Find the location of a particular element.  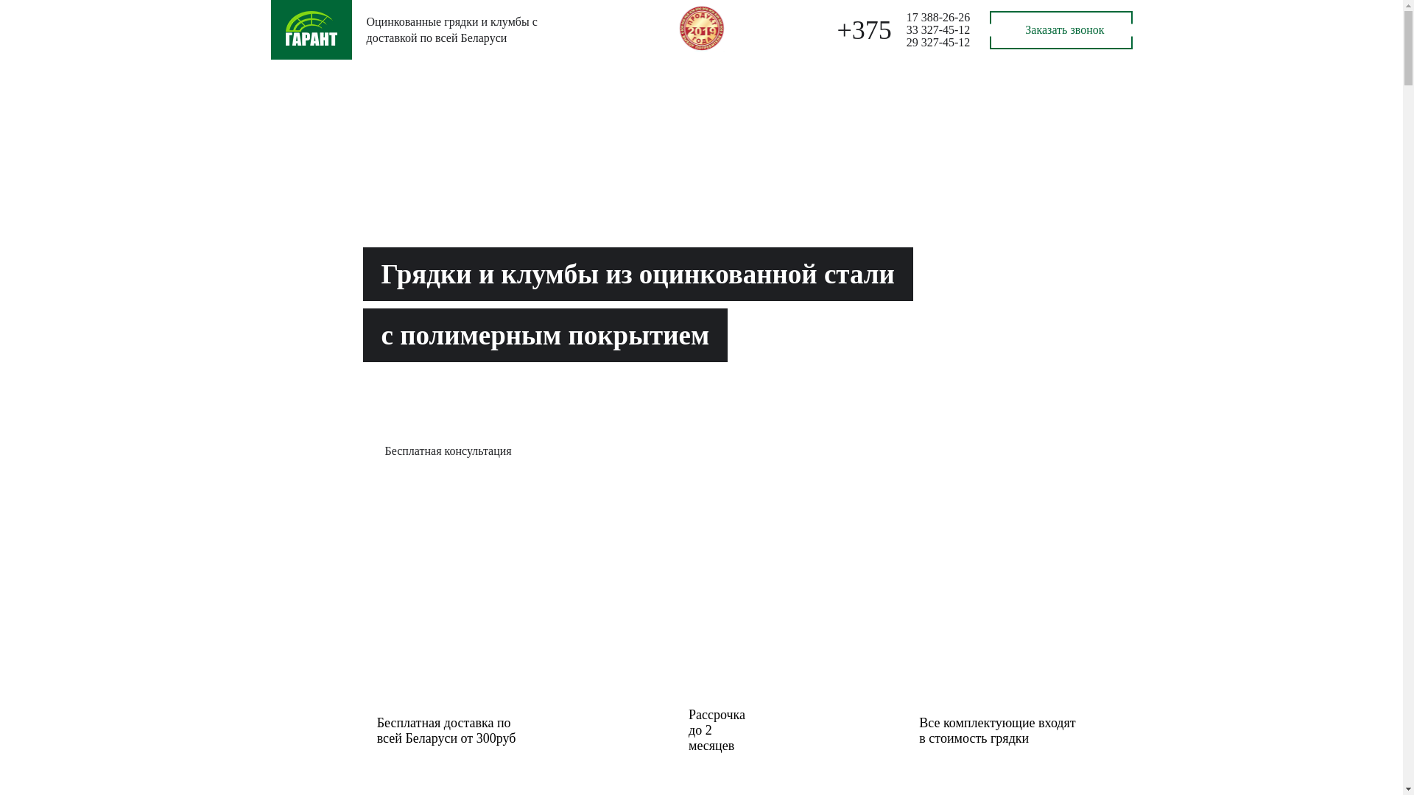

'17 388-26-26' is located at coordinates (938, 17).